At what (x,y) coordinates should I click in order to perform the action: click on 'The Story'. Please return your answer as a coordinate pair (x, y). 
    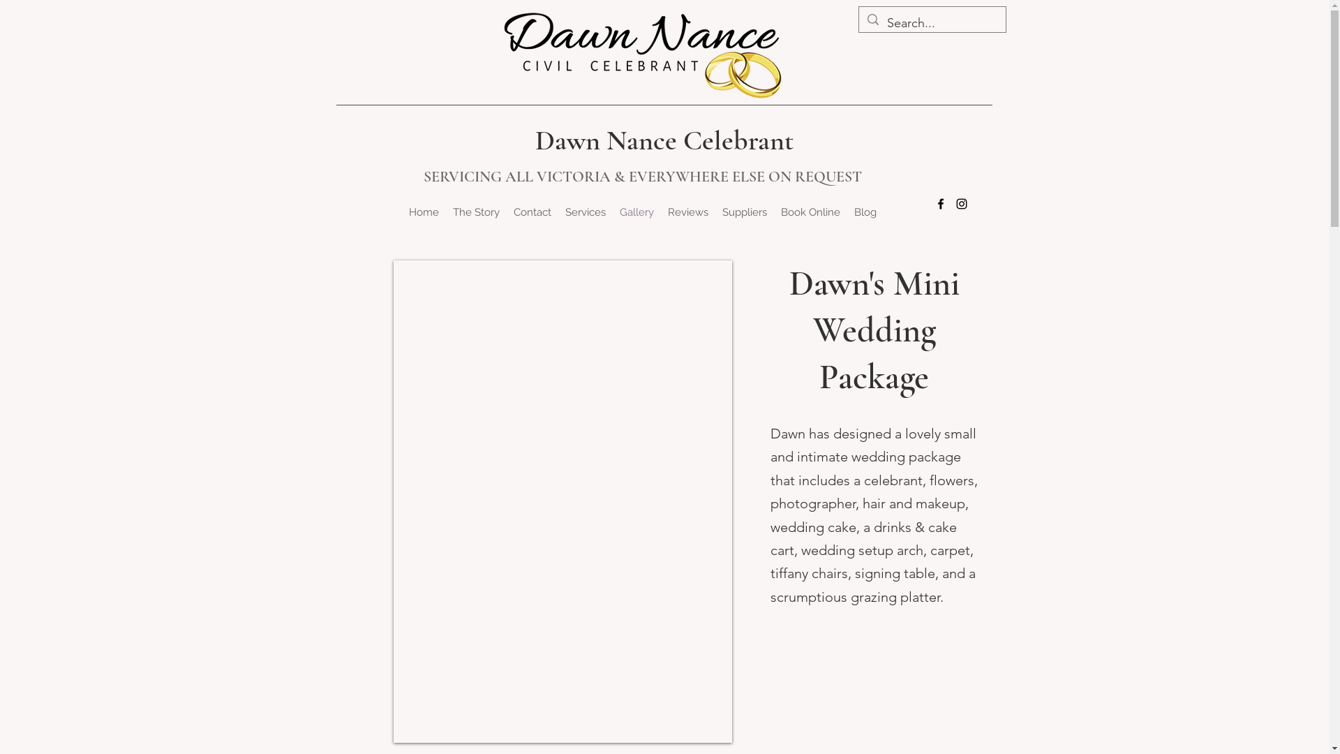
    Looking at the image, I should click on (475, 212).